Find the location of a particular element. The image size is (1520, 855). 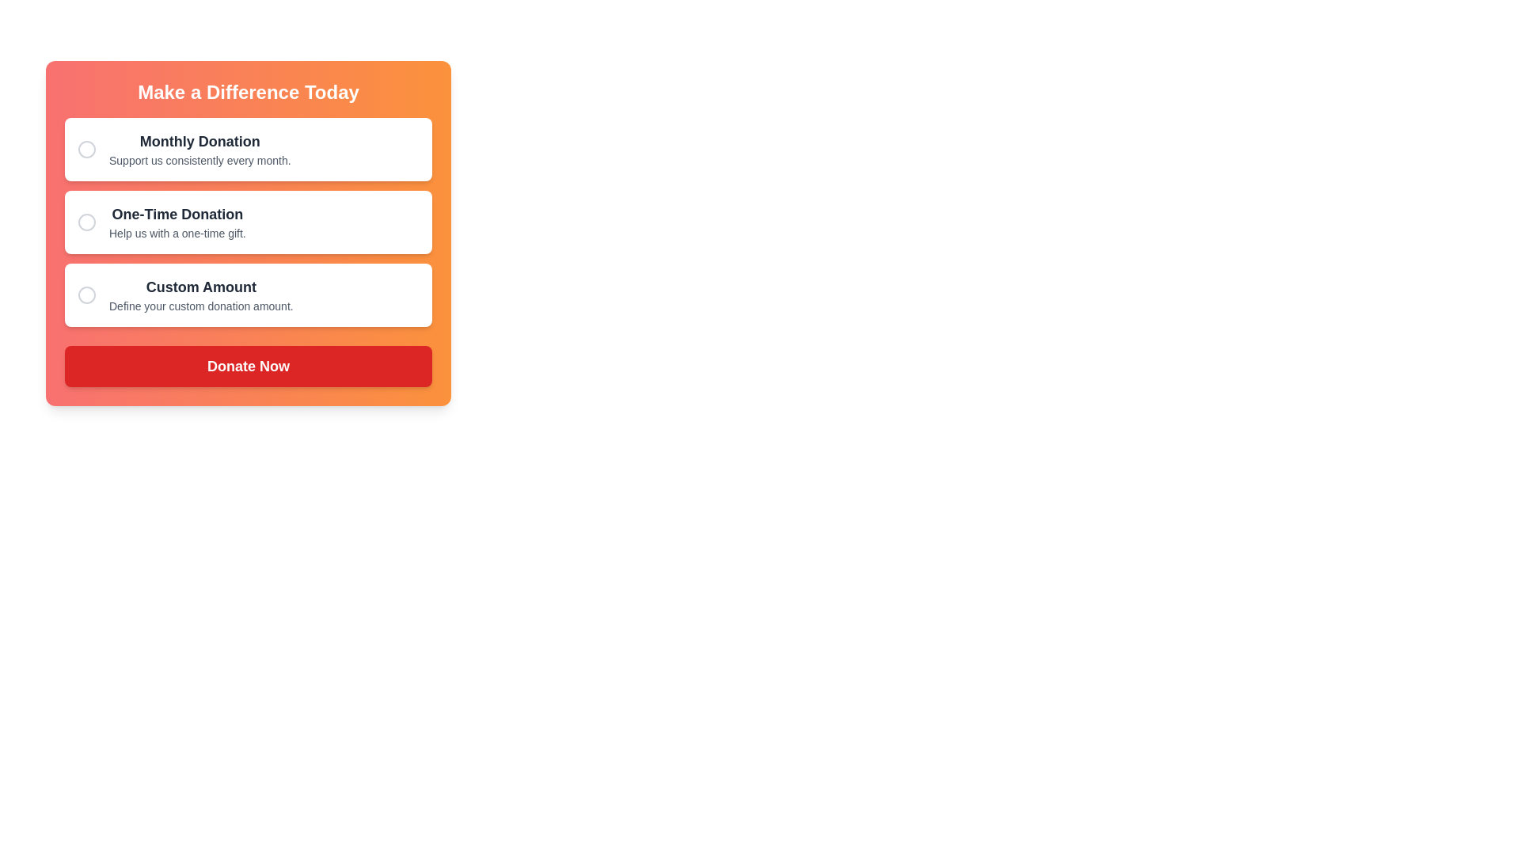

the center of the Selection Indicator (radio button) next to the 'Custom Amount' label is located at coordinates (86, 295).